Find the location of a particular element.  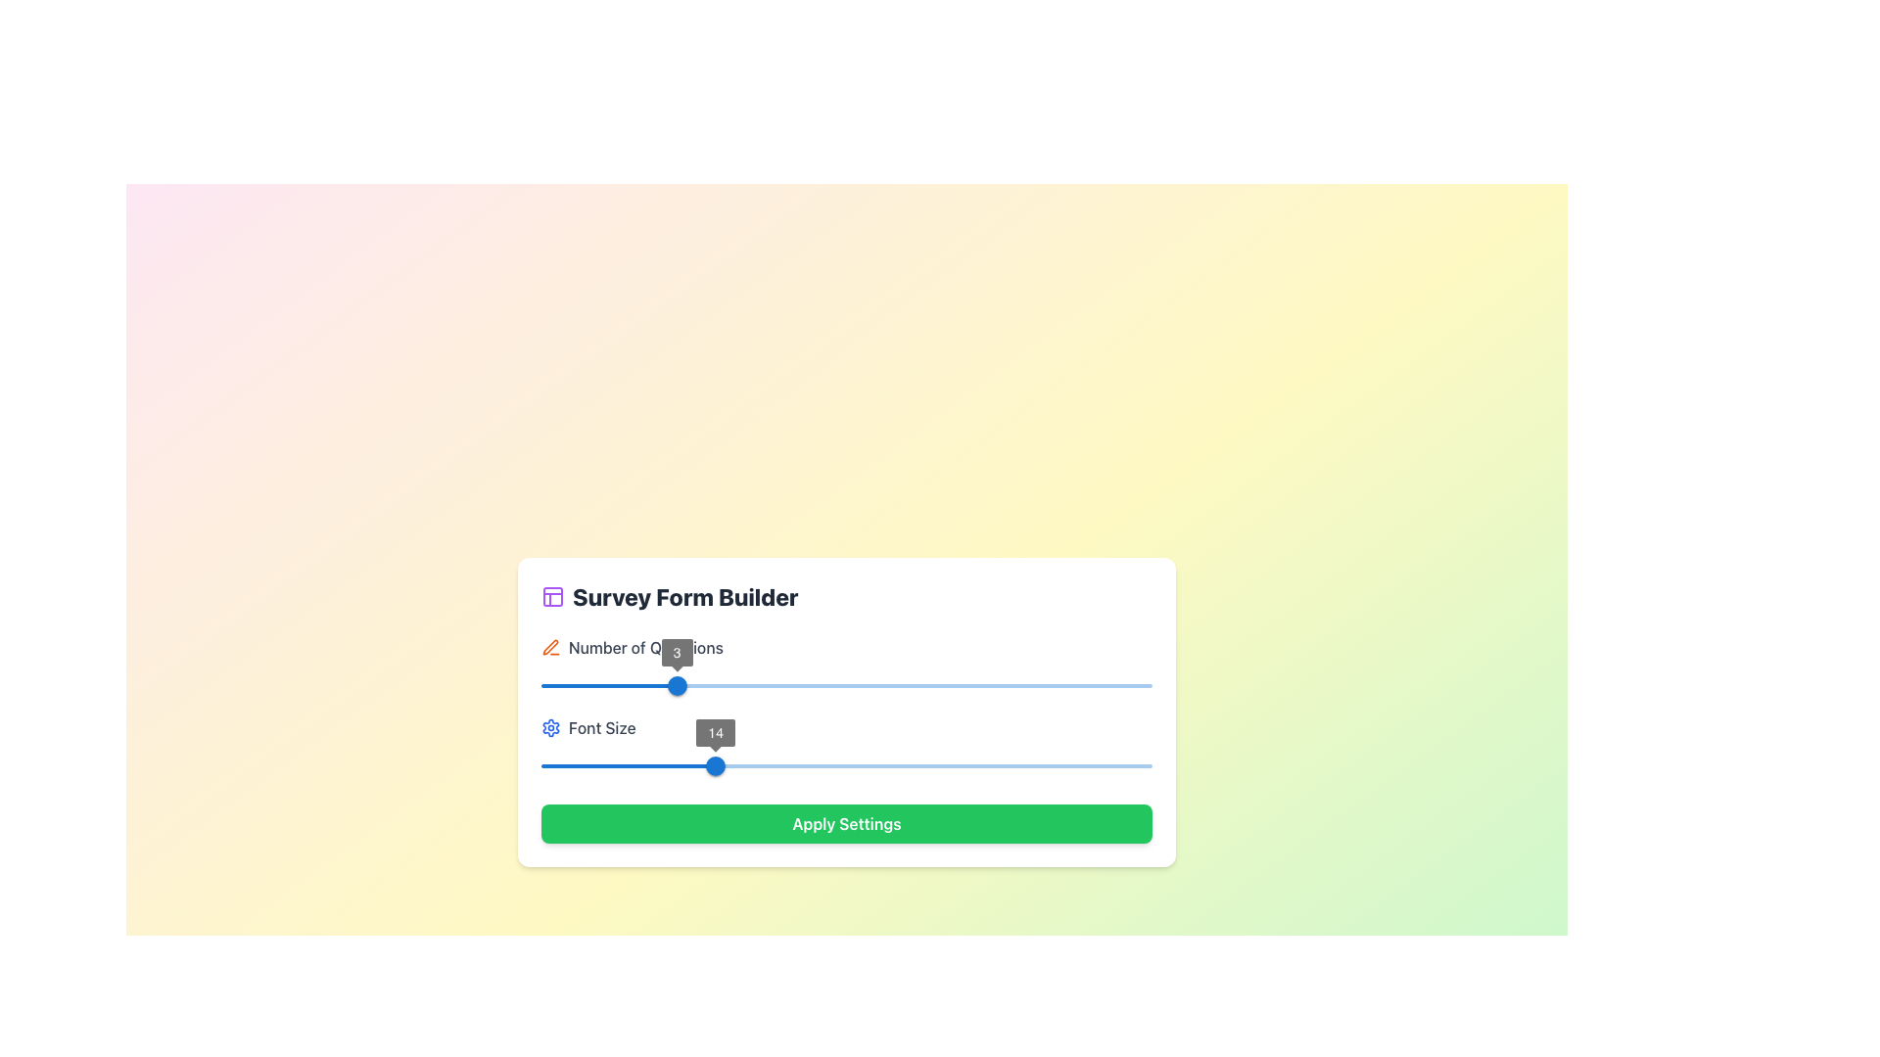

the descriptive text label indicating the purpose of the numeric input field for setting the number of questions is located at coordinates (645, 648).